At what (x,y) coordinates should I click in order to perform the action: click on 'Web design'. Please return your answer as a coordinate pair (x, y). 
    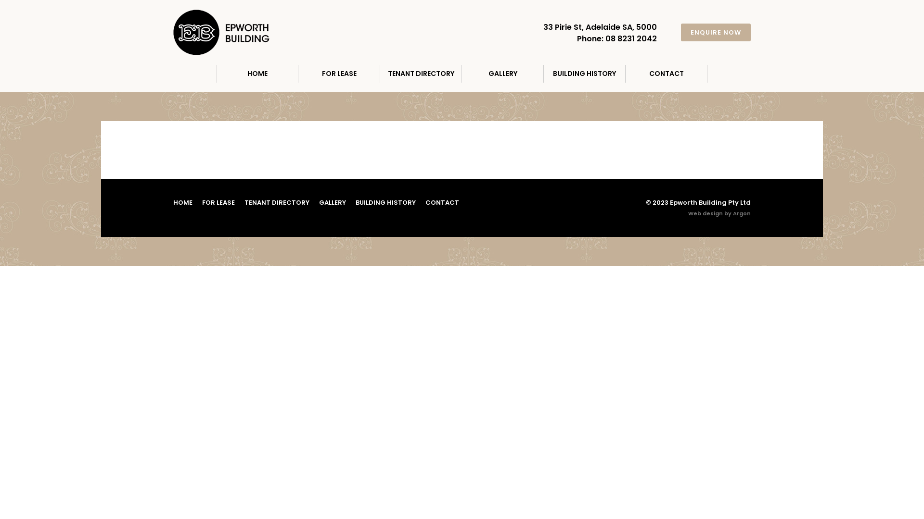
    Looking at the image, I should click on (705, 212).